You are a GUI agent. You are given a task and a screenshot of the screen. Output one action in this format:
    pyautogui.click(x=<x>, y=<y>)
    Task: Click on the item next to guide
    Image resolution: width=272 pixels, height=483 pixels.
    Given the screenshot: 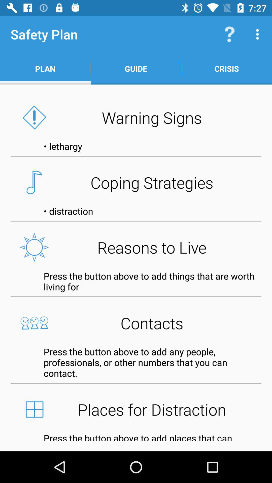 What is the action you would take?
    pyautogui.click(x=229, y=34)
    